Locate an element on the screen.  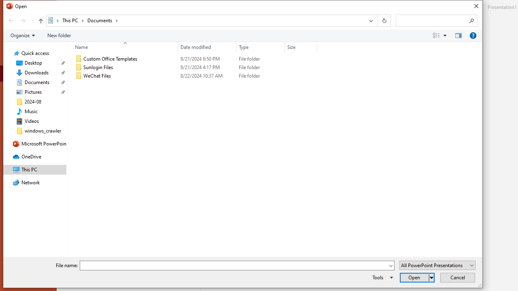
'&Help' is located at coordinates (473, 35).